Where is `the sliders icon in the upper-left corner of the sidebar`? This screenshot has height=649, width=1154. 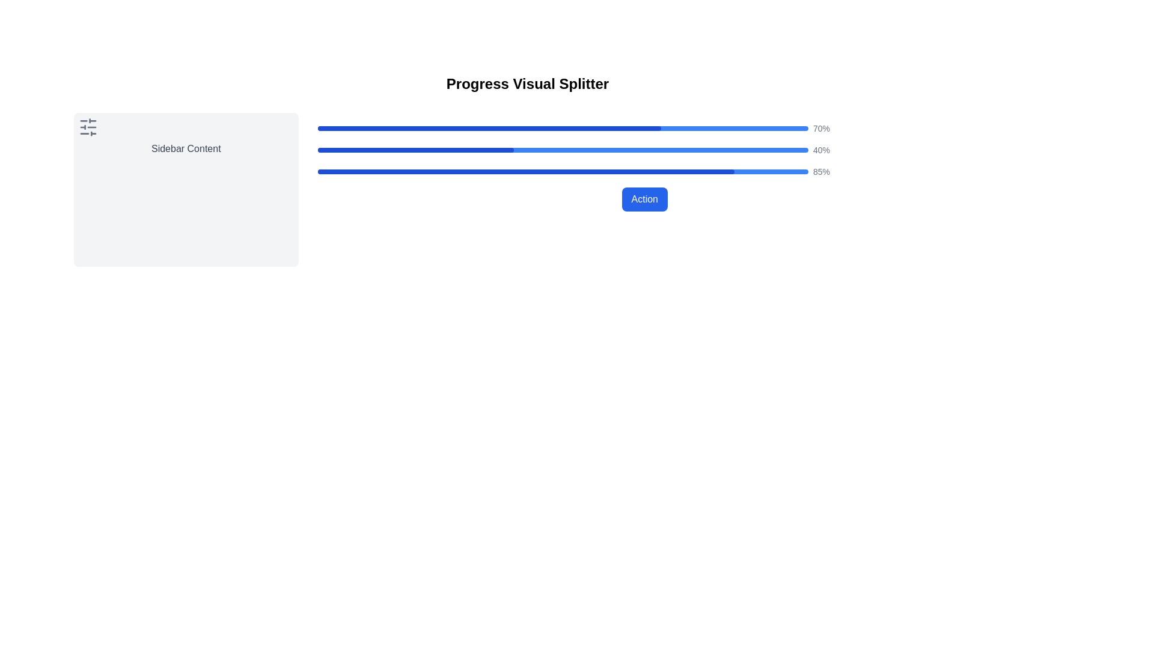
the sliders icon in the upper-left corner of the sidebar is located at coordinates (88, 127).